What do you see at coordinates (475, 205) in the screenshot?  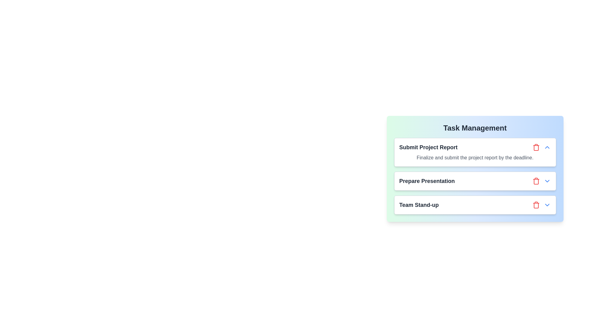 I see `the 'Team Stand-up' task card located at the bottom of the vertical list` at bounding box center [475, 205].